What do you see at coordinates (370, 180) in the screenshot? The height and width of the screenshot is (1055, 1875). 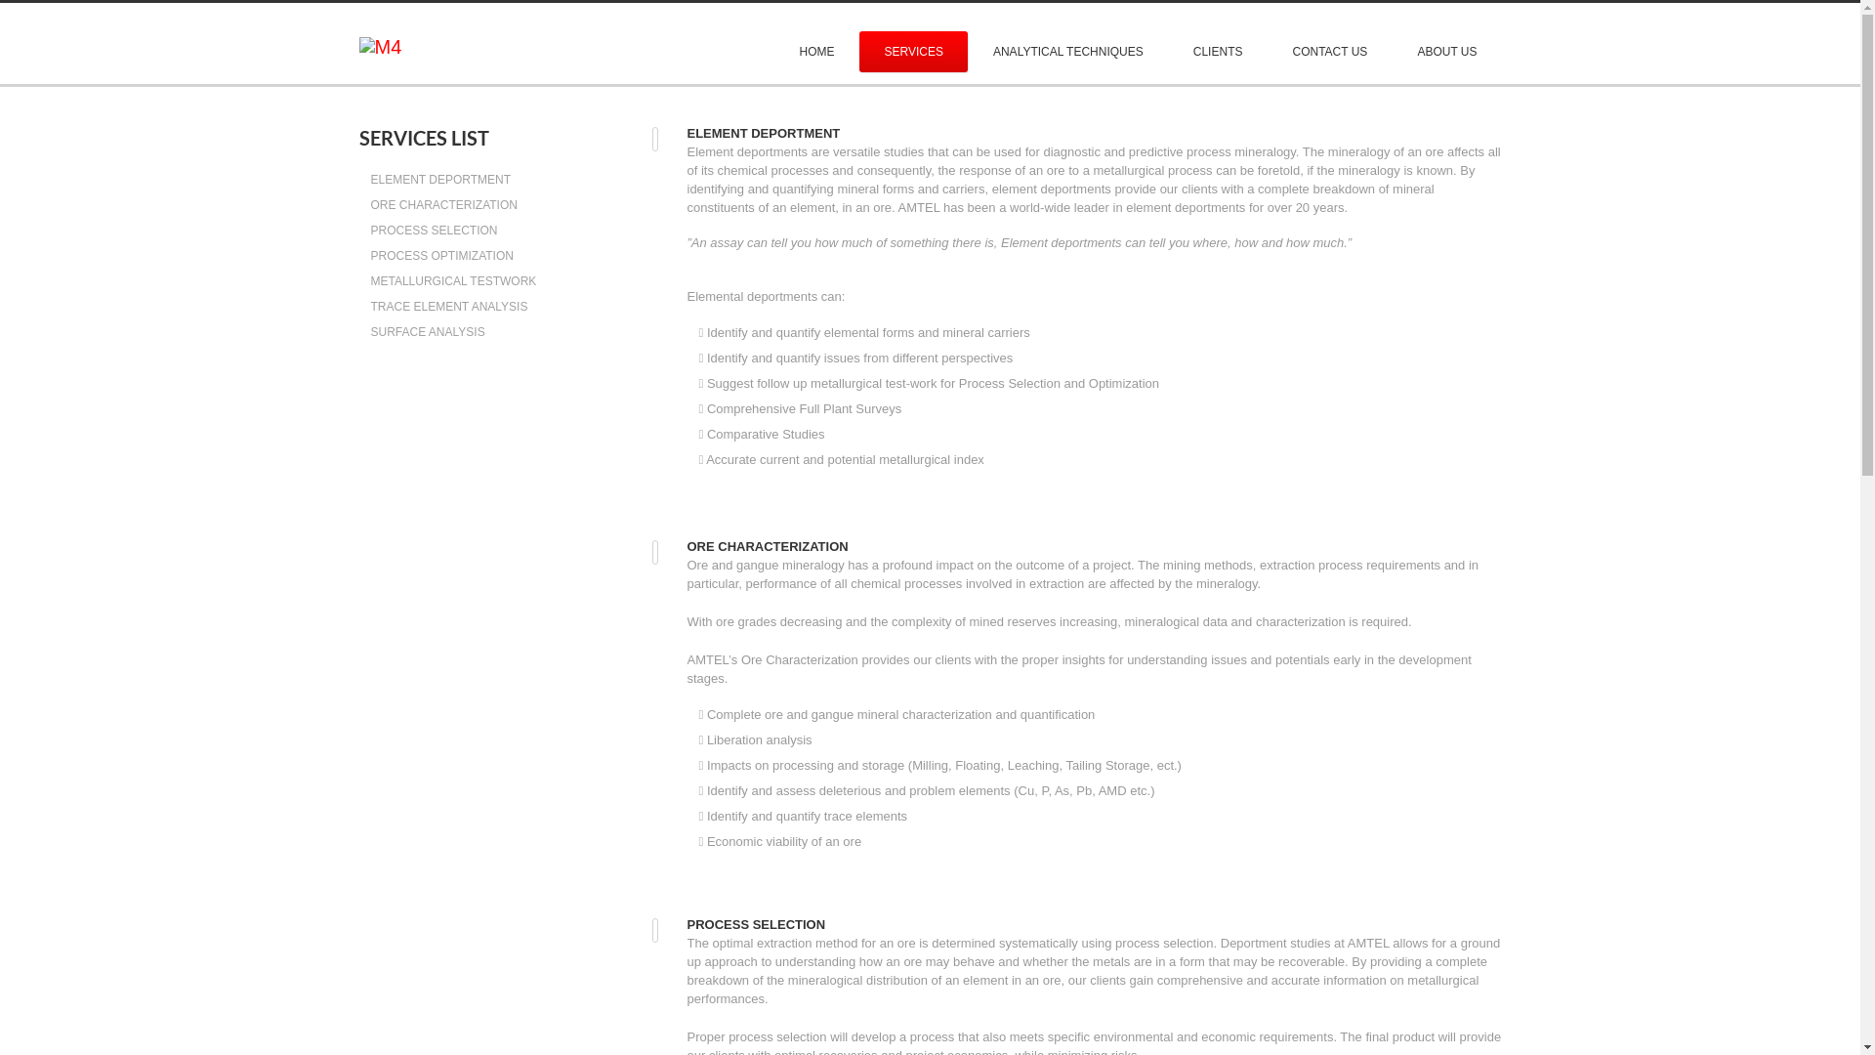 I see `'ELEMENT DEPORTMENT'` at bounding box center [370, 180].